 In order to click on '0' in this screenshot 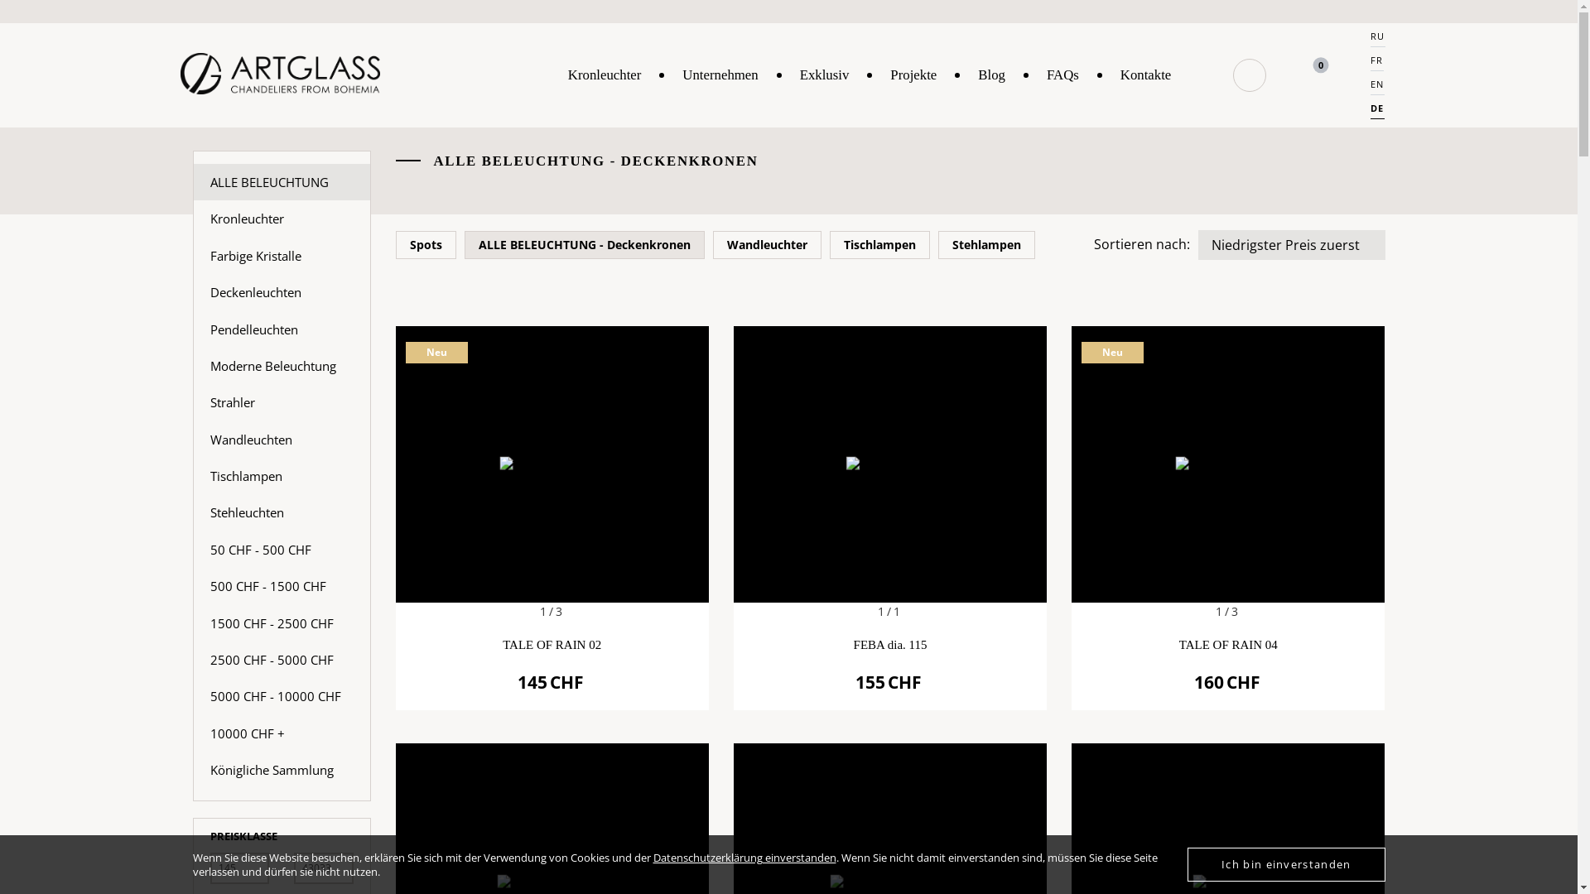, I will do `click(1305, 75)`.